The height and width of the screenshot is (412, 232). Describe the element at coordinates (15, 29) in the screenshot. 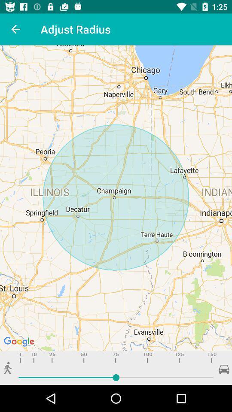

I see `icon next to adjust radius item` at that location.